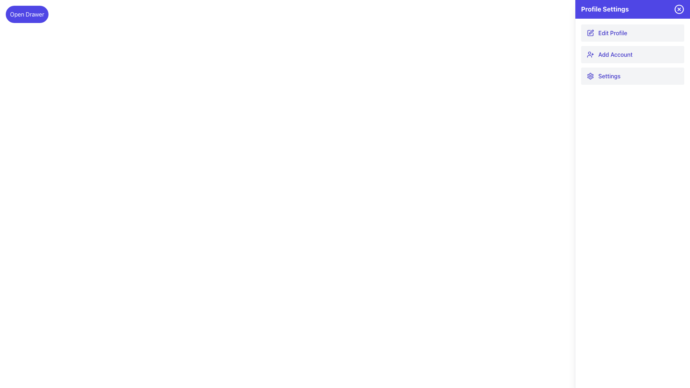 This screenshot has width=690, height=388. I want to click on the circle icon in the top-right corner of the Profile Settings panel, which signifies a close or dismiss action, so click(679, 9).